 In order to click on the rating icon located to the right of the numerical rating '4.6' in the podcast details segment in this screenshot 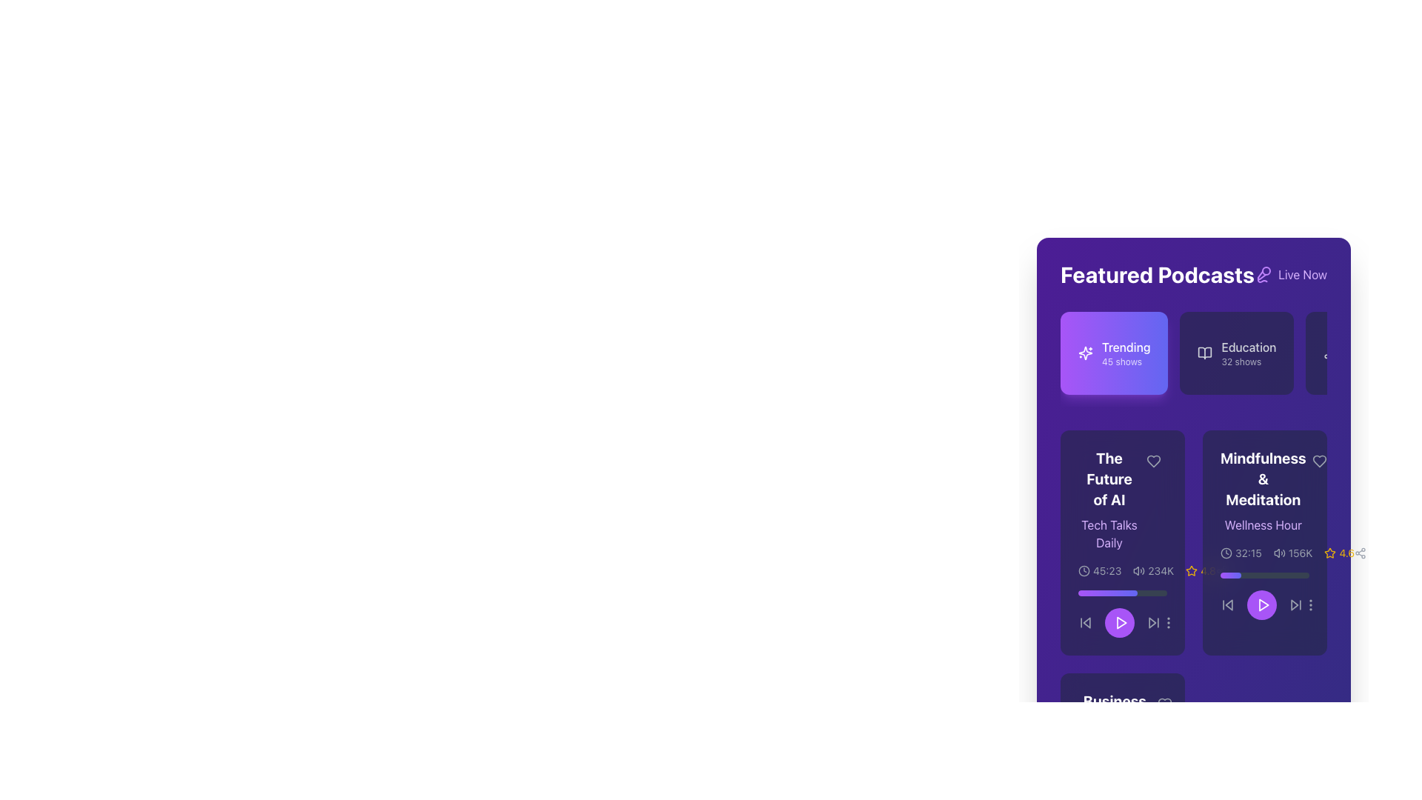, I will do `click(1192, 570)`.